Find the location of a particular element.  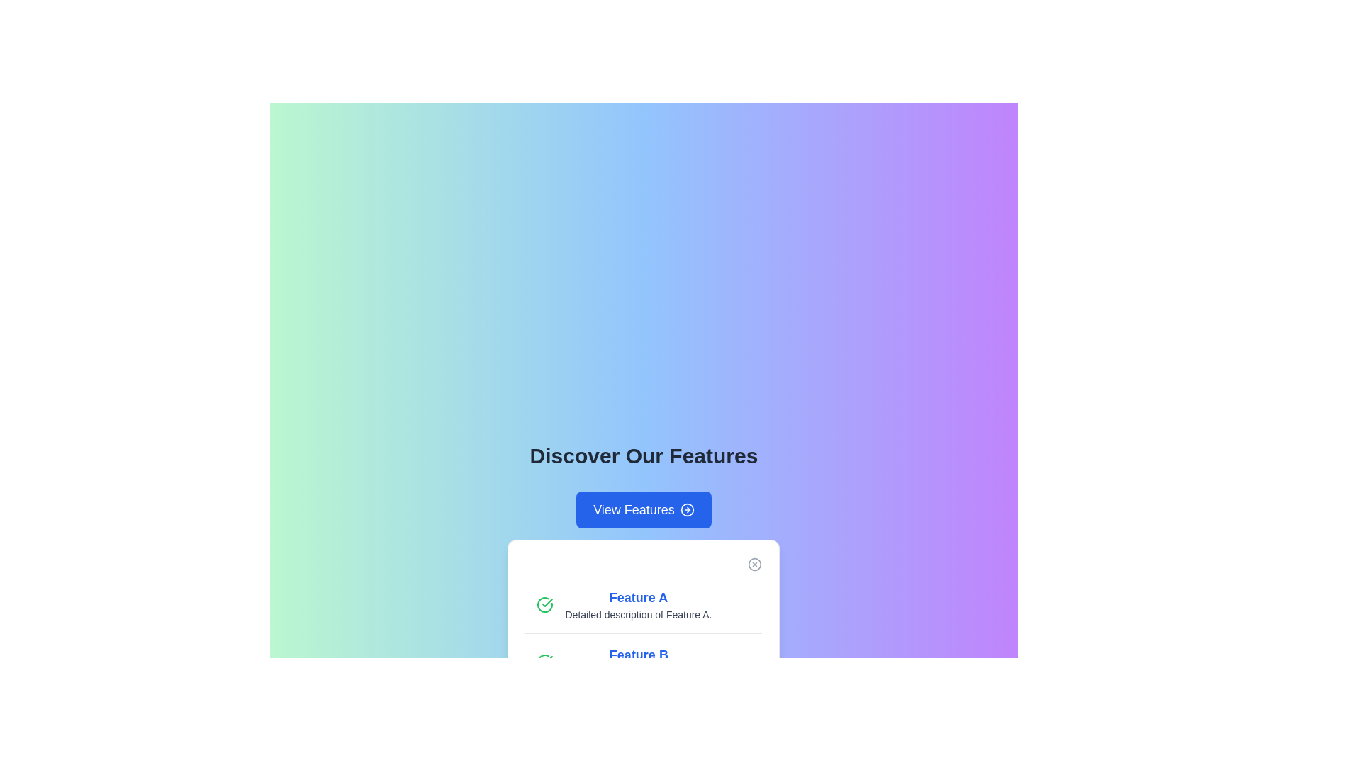

the icon associated with the 'Feature B' entry in the vertically stacked list, which is located below 'Feature A' in the modal is located at coordinates (643, 662).